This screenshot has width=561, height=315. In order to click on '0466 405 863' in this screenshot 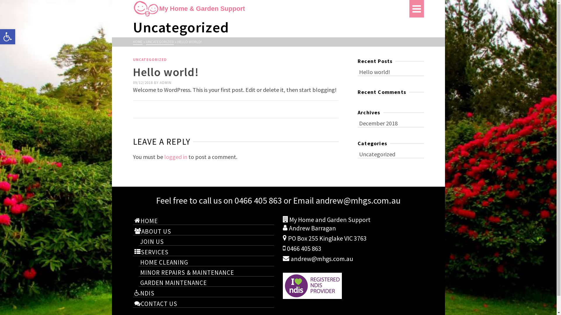, I will do `click(258, 200)`.